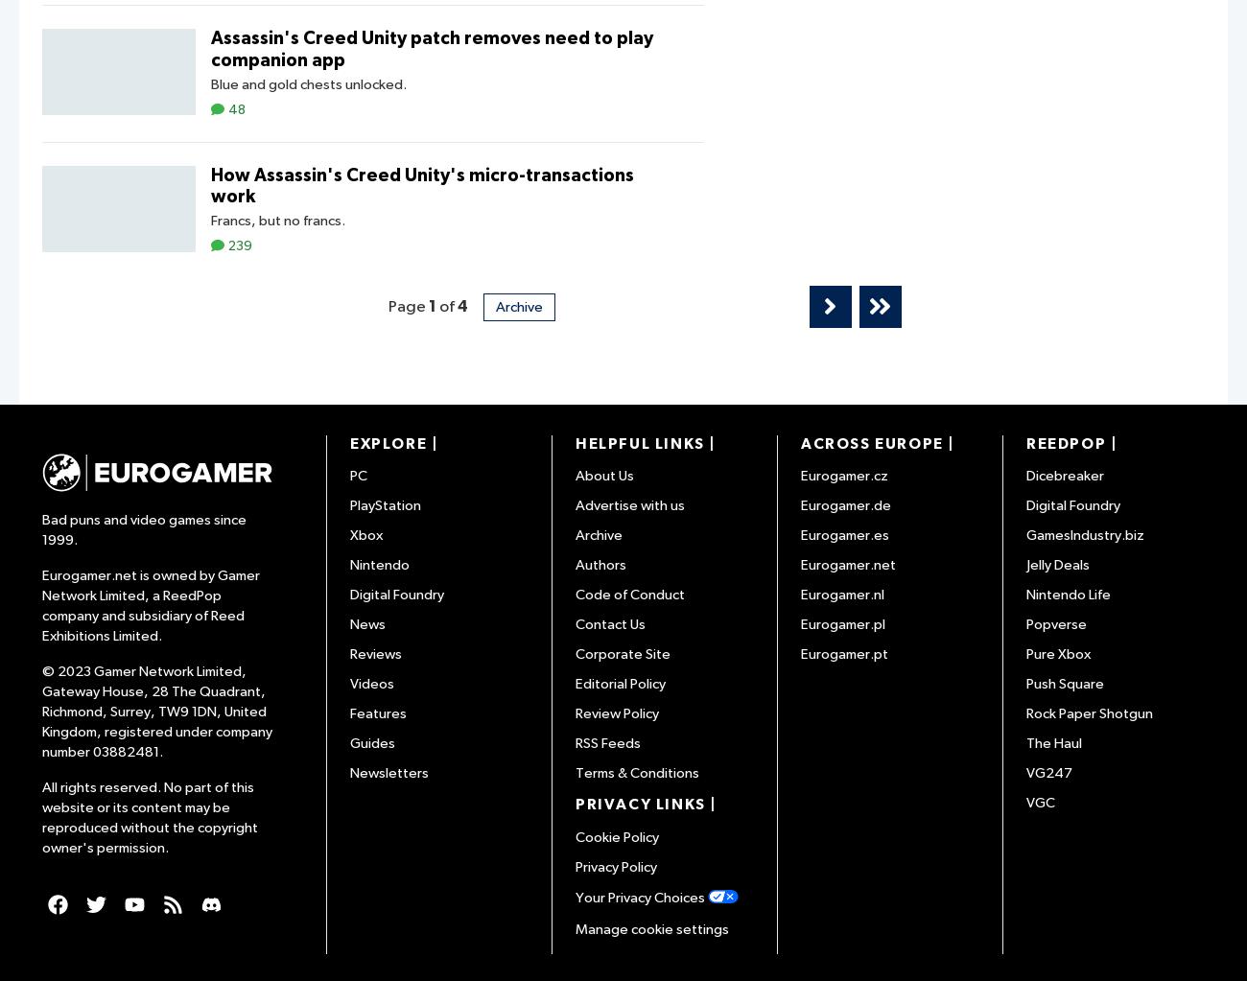 Image resolution: width=1247 pixels, height=981 pixels. What do you see at coordinates (385, 504) in the screenshot?
I see `'PlayStation'` at bounding box center [385, 504].